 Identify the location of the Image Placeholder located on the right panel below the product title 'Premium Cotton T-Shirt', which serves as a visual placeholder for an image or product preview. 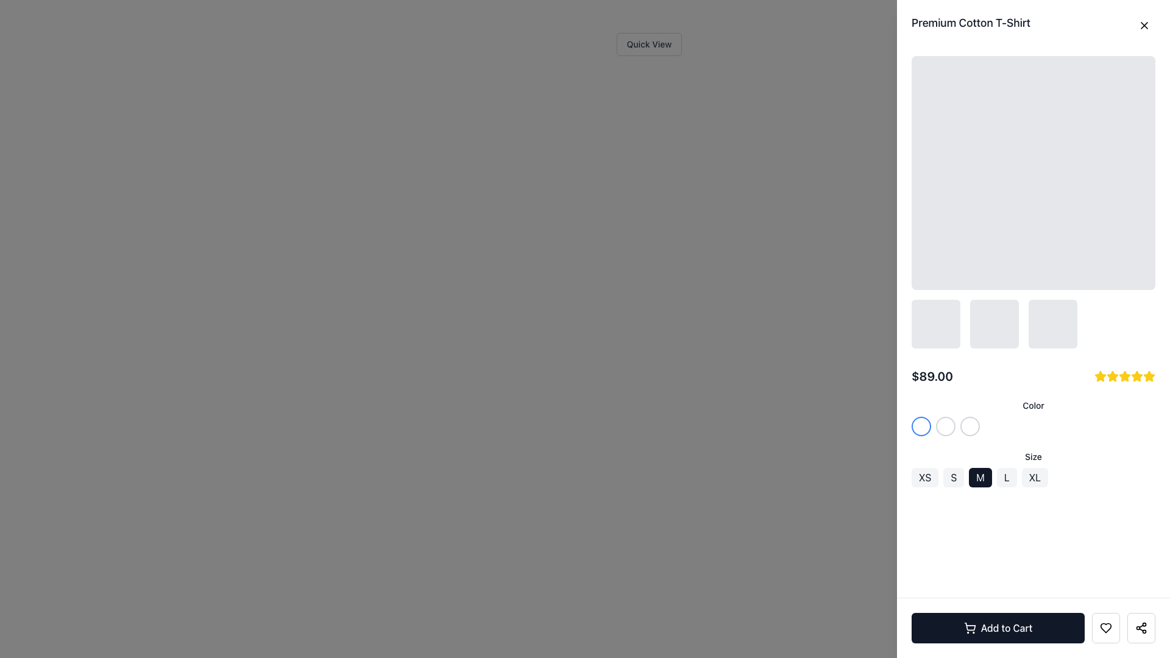
(1032, 201).